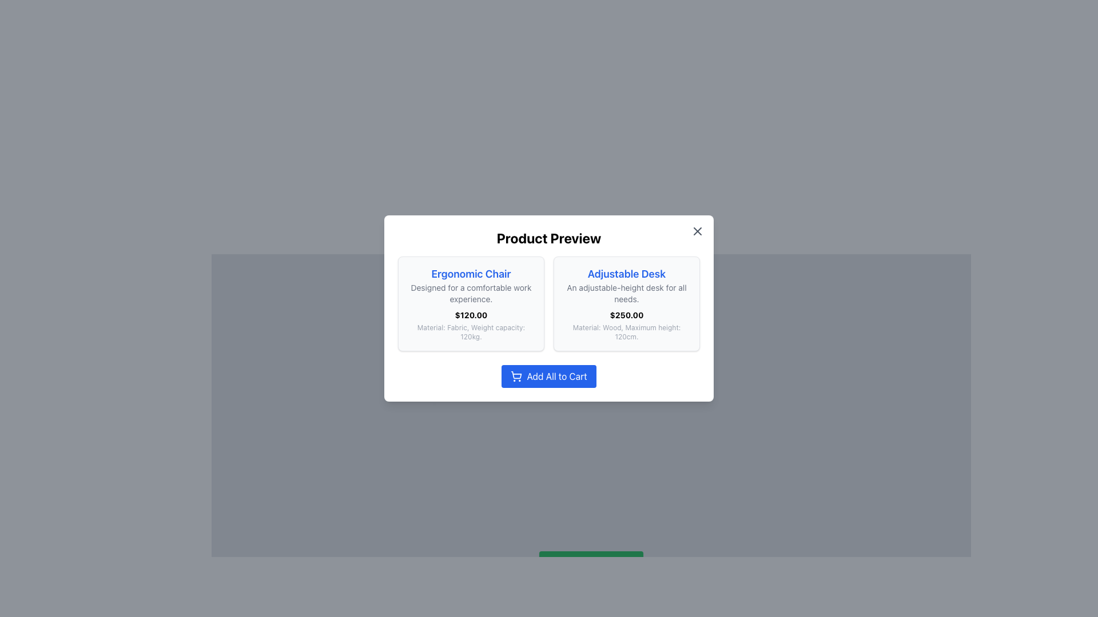 The width and height of the screenshot is (1098, 617). I want to click on the cross icon button located at the top-right corner of the product preview dialog, so click(697, 231).